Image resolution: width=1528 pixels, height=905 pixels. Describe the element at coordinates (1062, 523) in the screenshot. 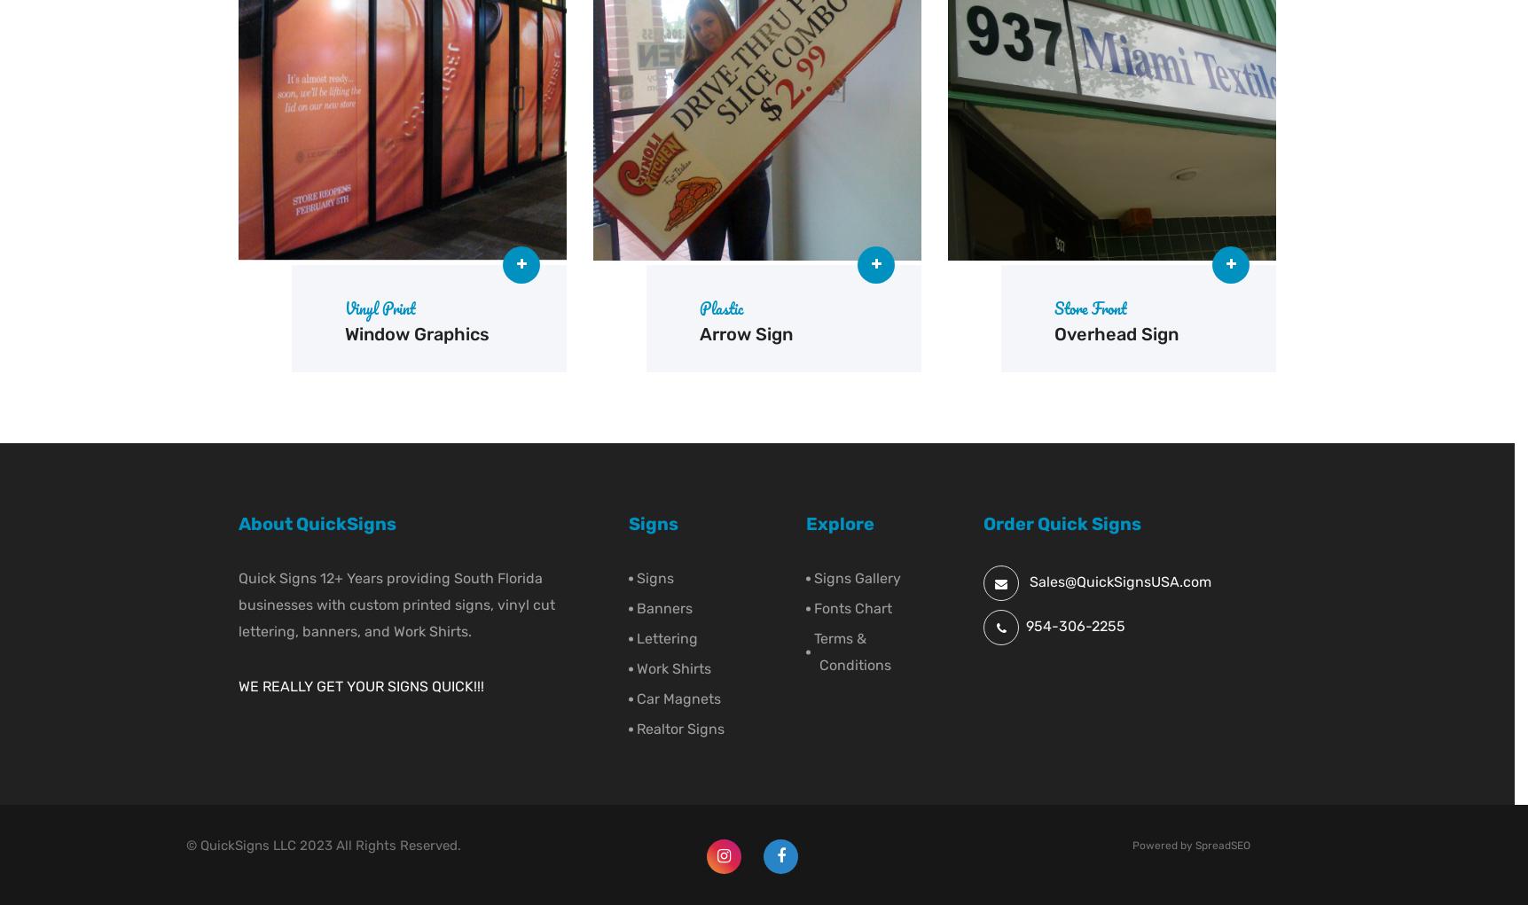

I see `'Order Quick Signs'` at that location.